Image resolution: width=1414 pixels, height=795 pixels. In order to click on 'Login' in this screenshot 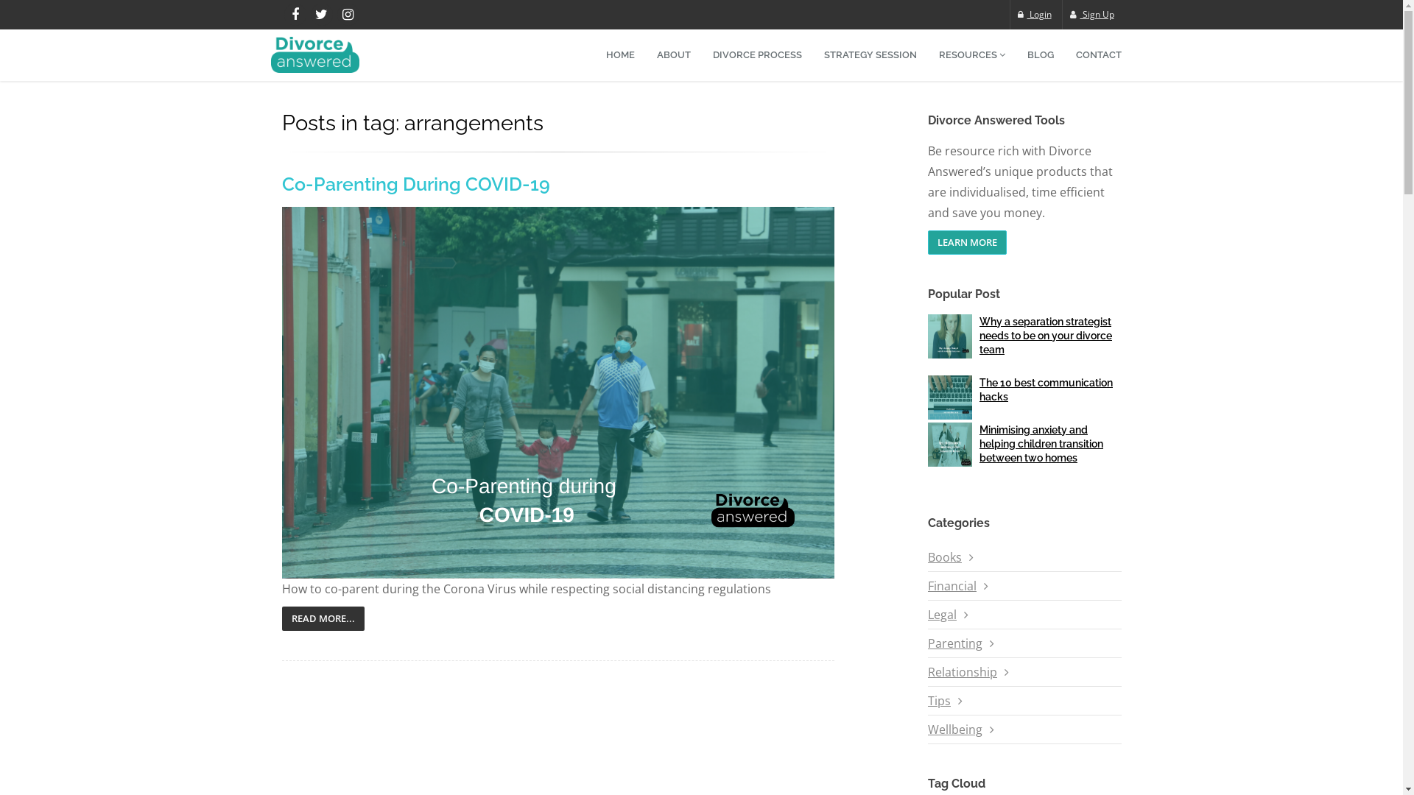, I will do `click(1034, 14)`.